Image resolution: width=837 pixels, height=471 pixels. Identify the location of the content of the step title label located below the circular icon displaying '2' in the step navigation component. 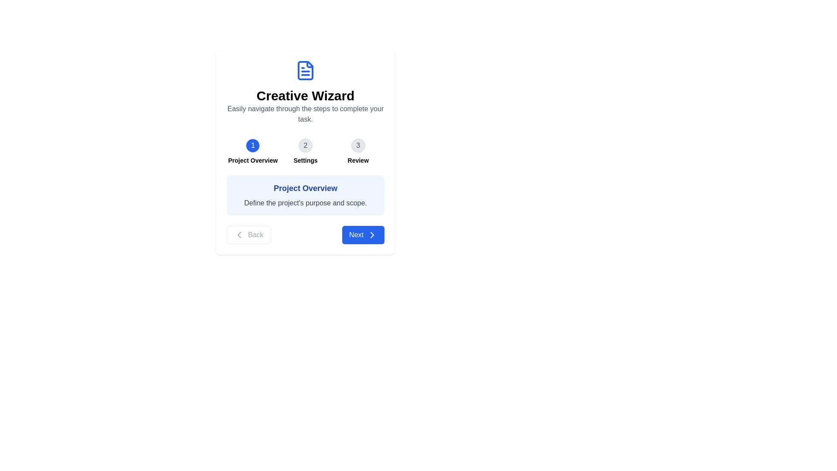
(305, 160).